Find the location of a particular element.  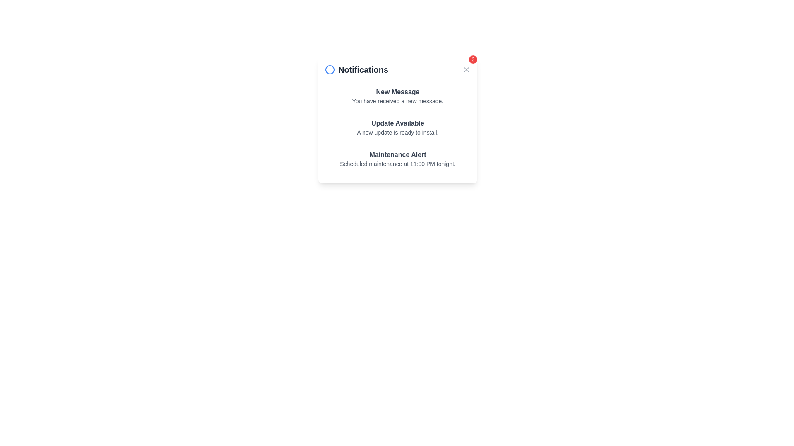

the small 'X' interactive icon in the top-right corner of the notification card is located at coordinates (466, 69).